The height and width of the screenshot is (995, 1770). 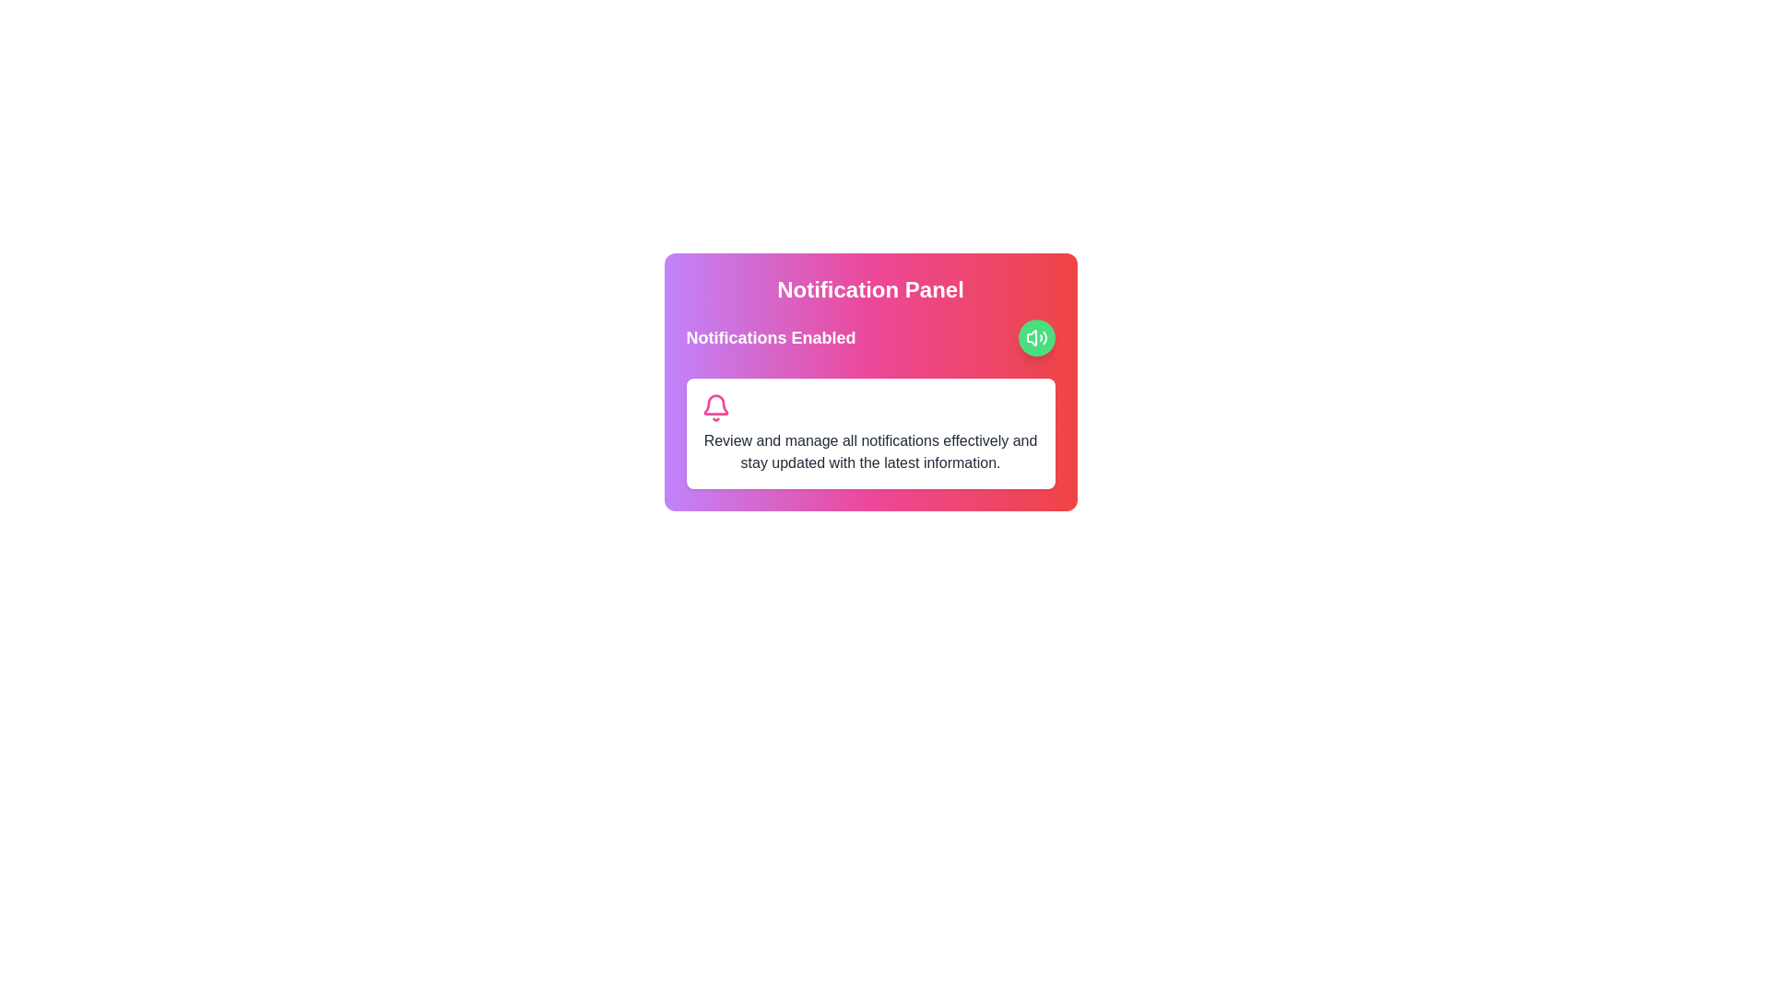 What do you see at coordinates (1036, 337) in the screenshot?
I see `the volume or sound notification icon located at the top-right corner of the notification panel inside a green circular button` at bounding box center [1036, 337].